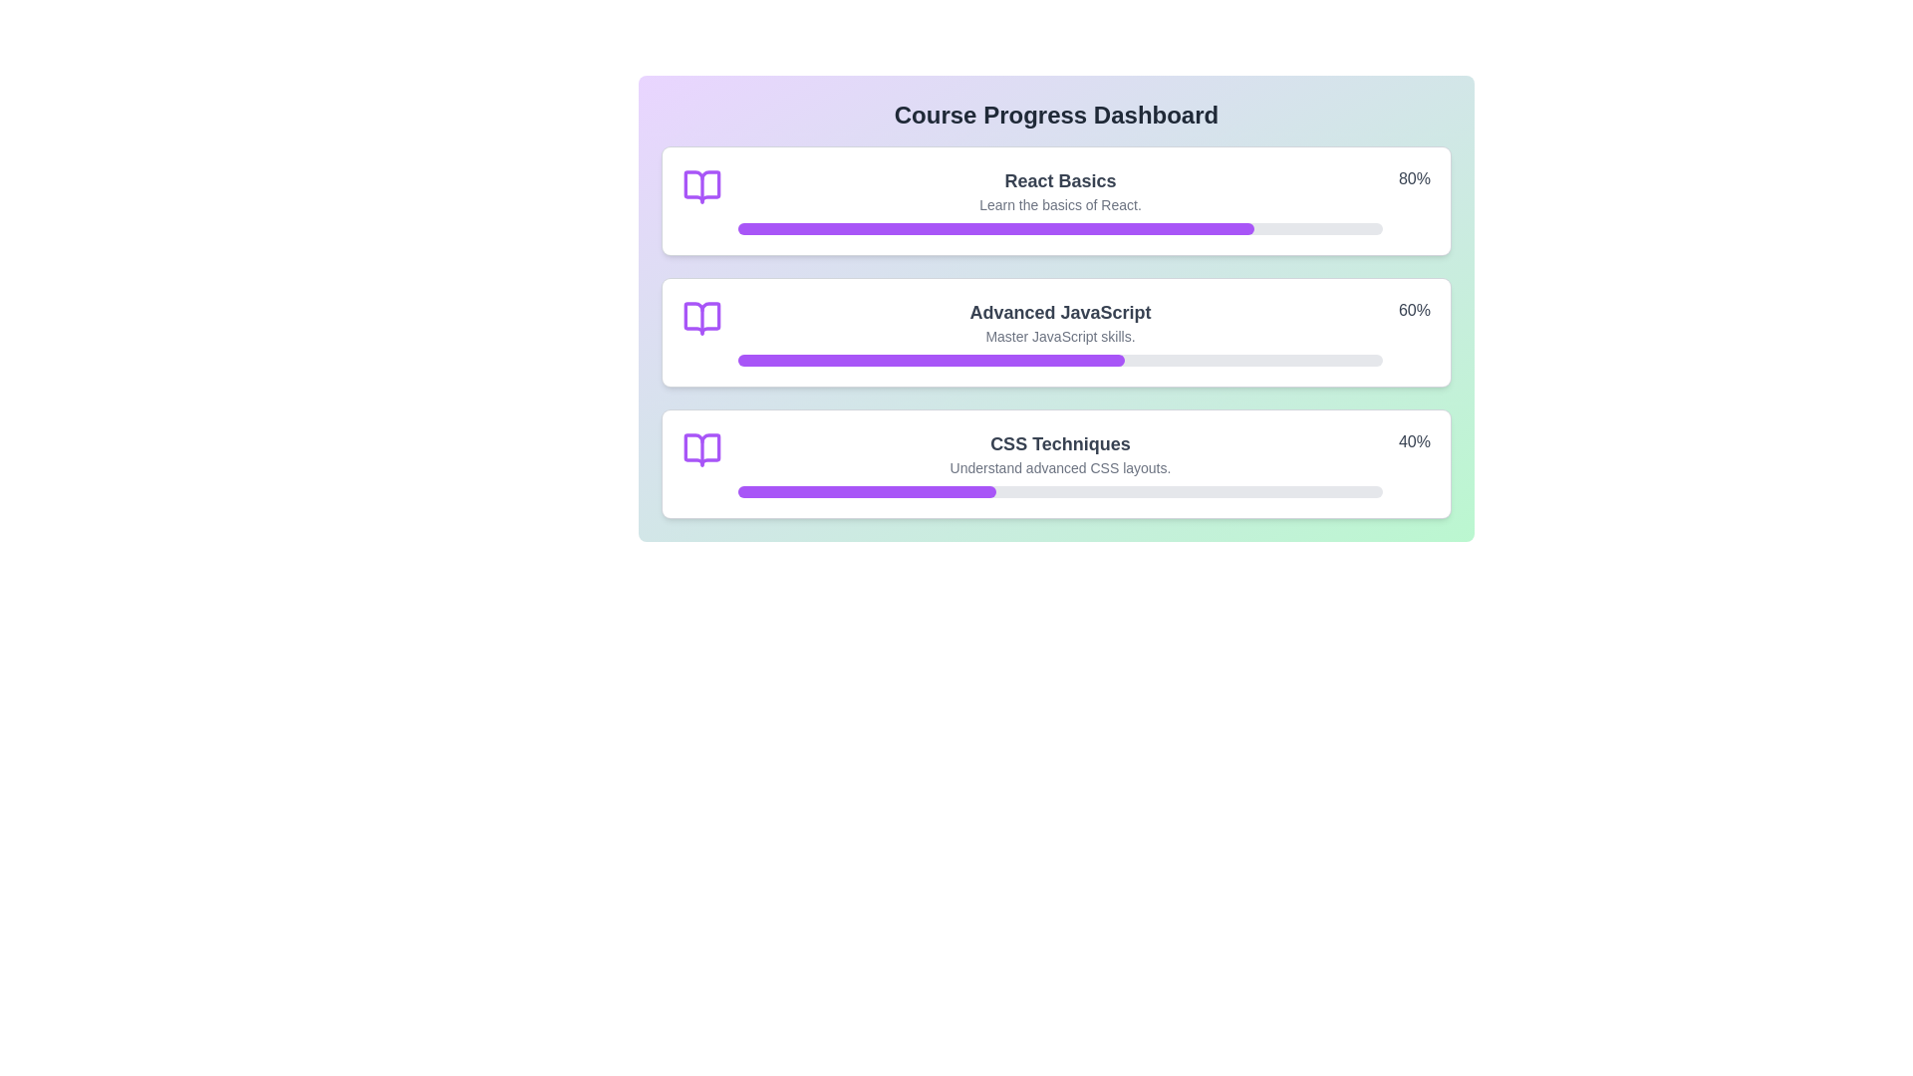  I want to click on the progress bar under the title 'React Basics' and the subtitle 'Learn the basics of React.' which is situated in the first card of the list of courses, so click(1059, 228).